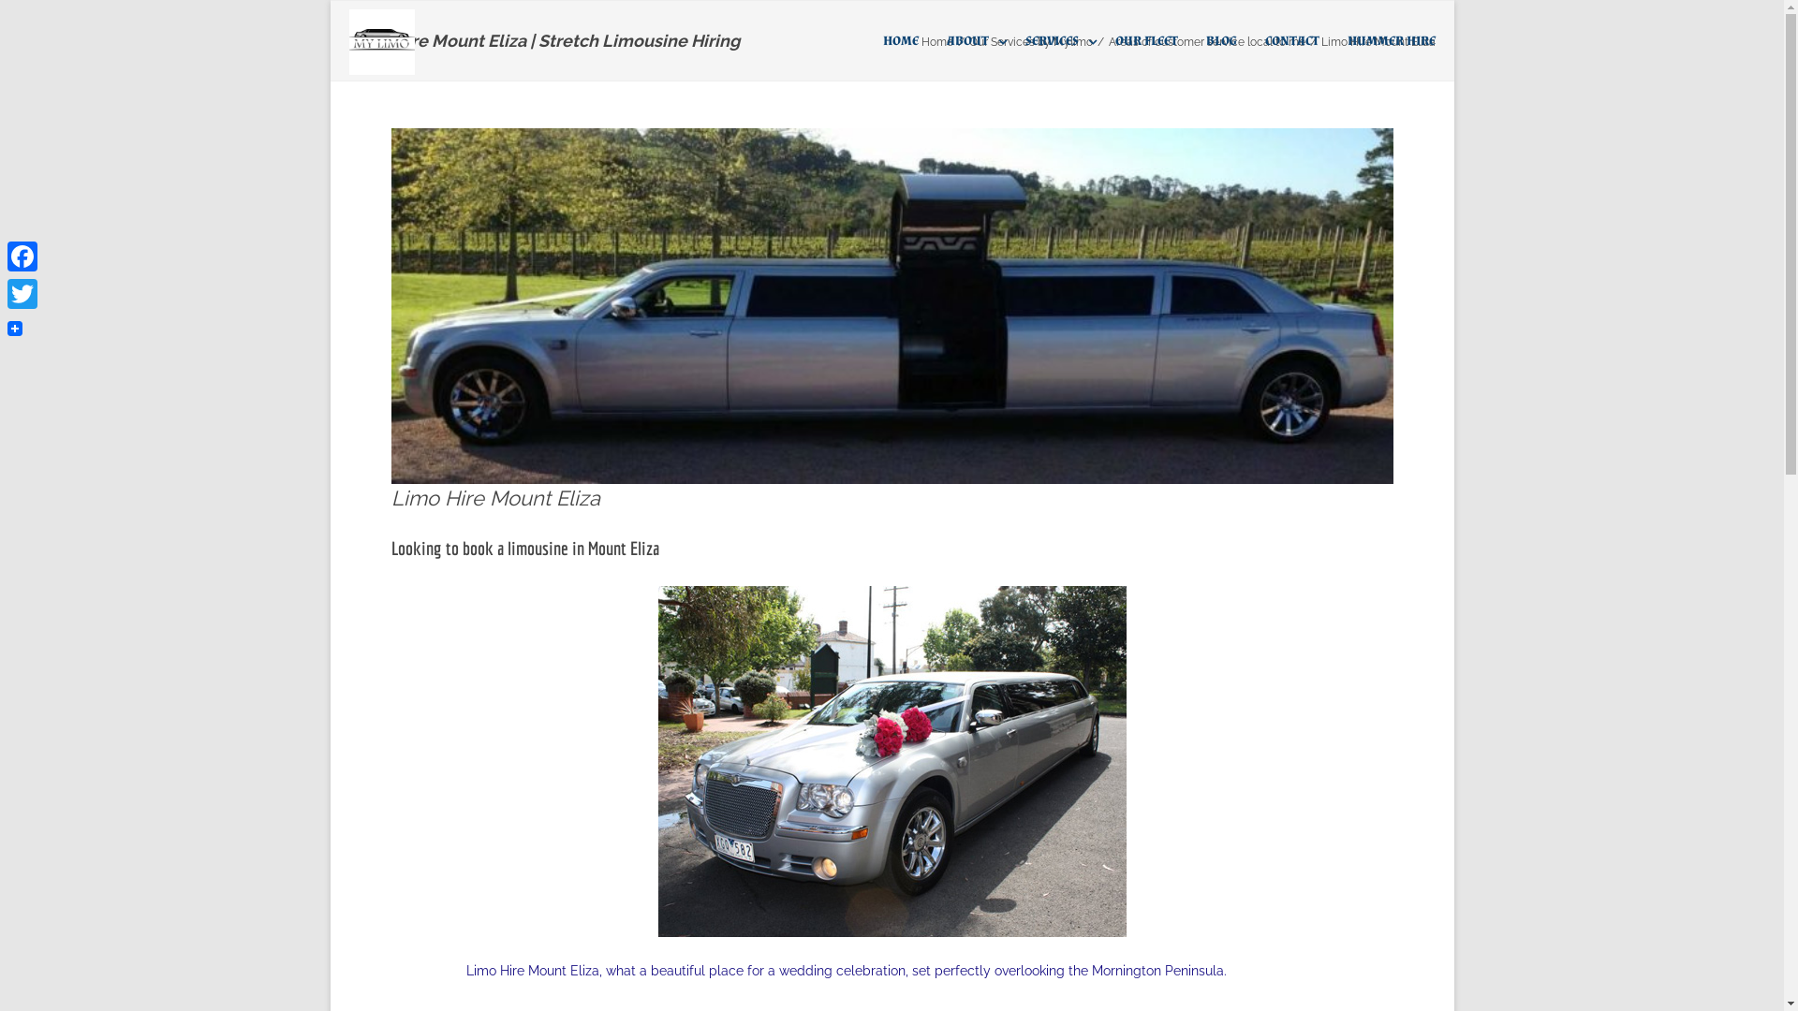 This screenshot has width=1798, height=1011. I want to click on 'Twitter', so click(22, 293).